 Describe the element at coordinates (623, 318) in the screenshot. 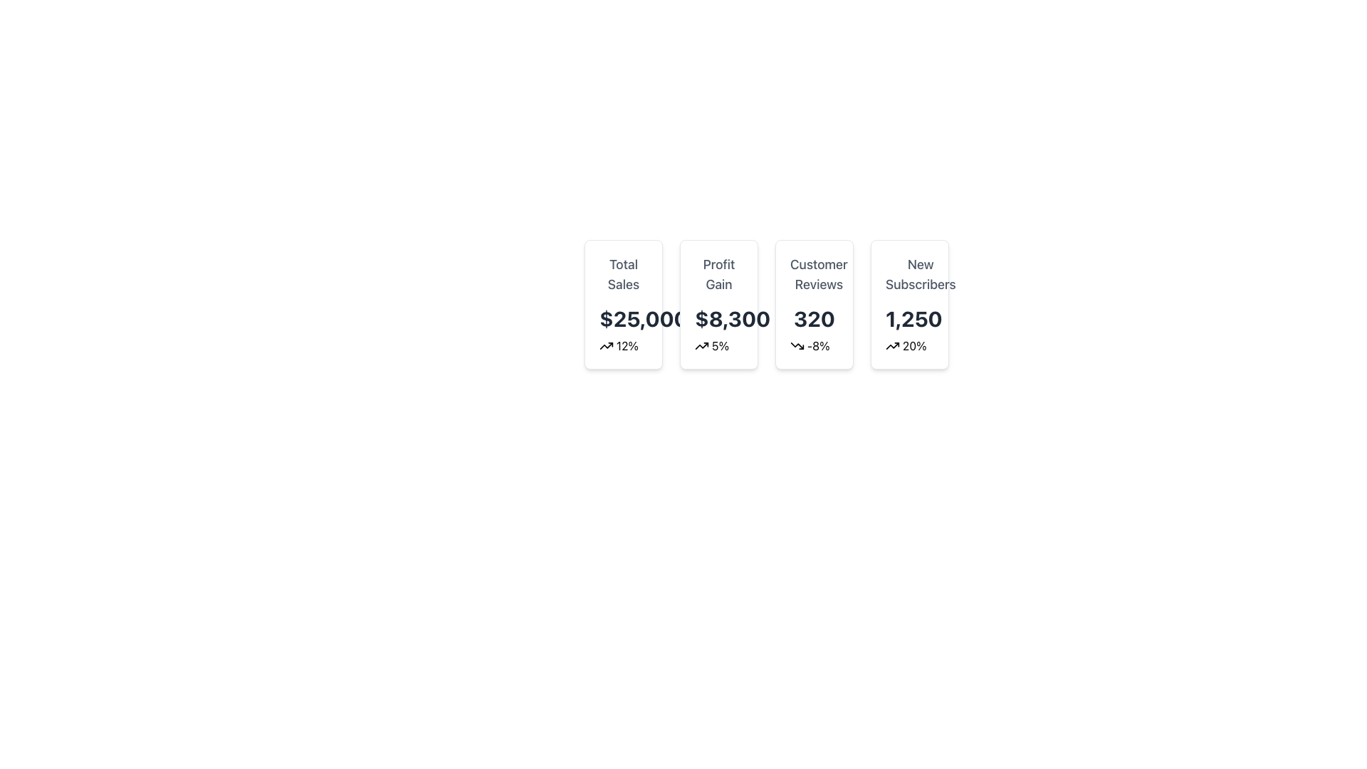

I see `the large, bold numerical value '$25,000' located in the 'Total Sales' card` at that location.